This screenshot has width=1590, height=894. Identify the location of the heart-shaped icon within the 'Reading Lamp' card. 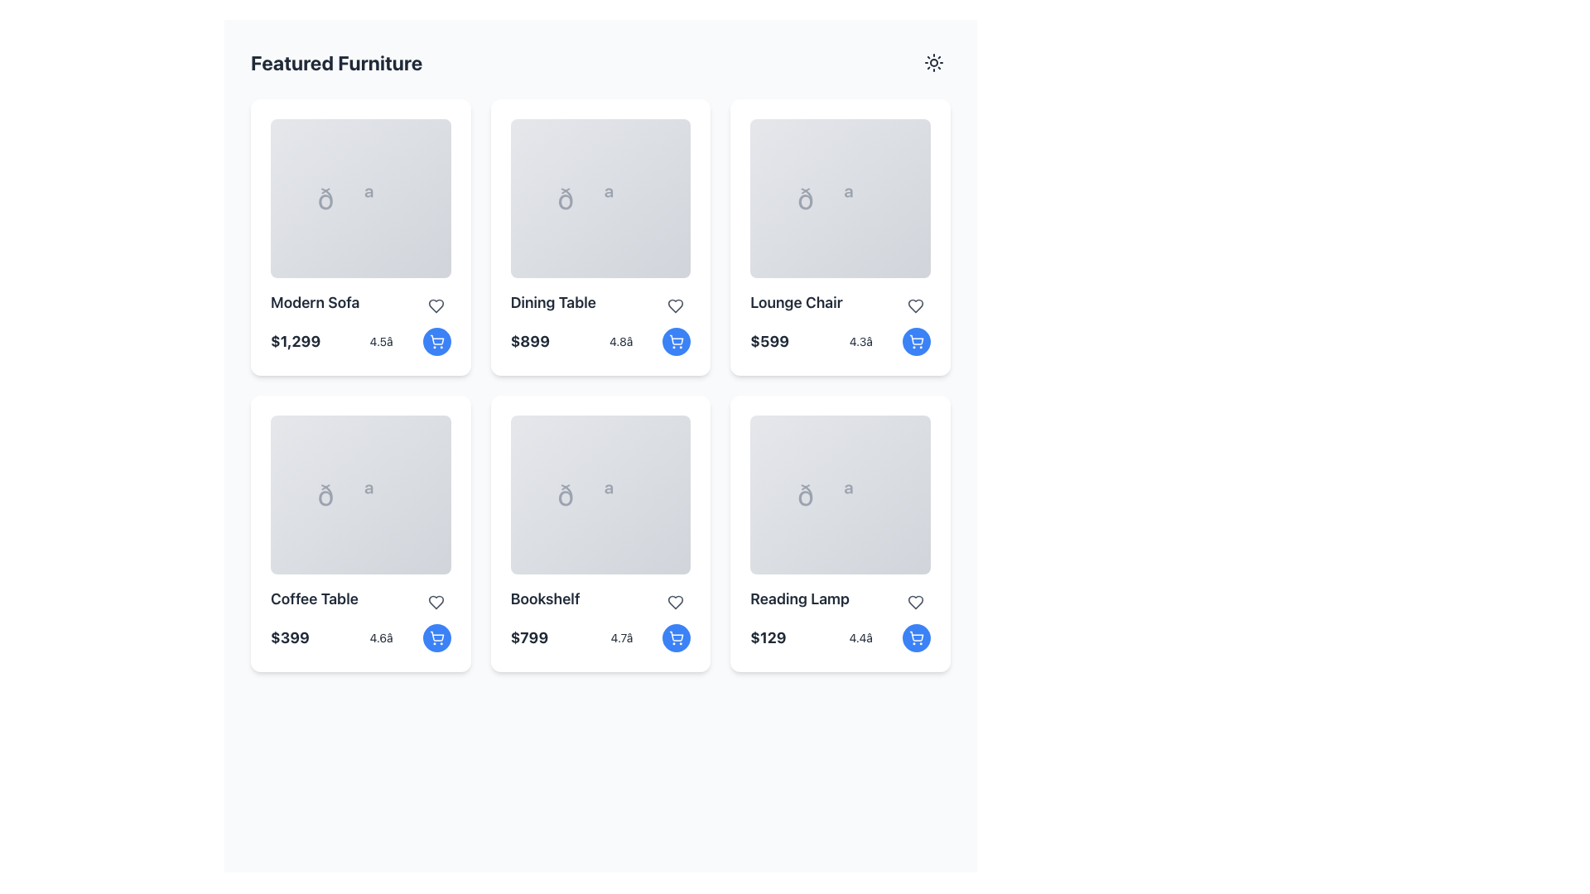
(914, 603).